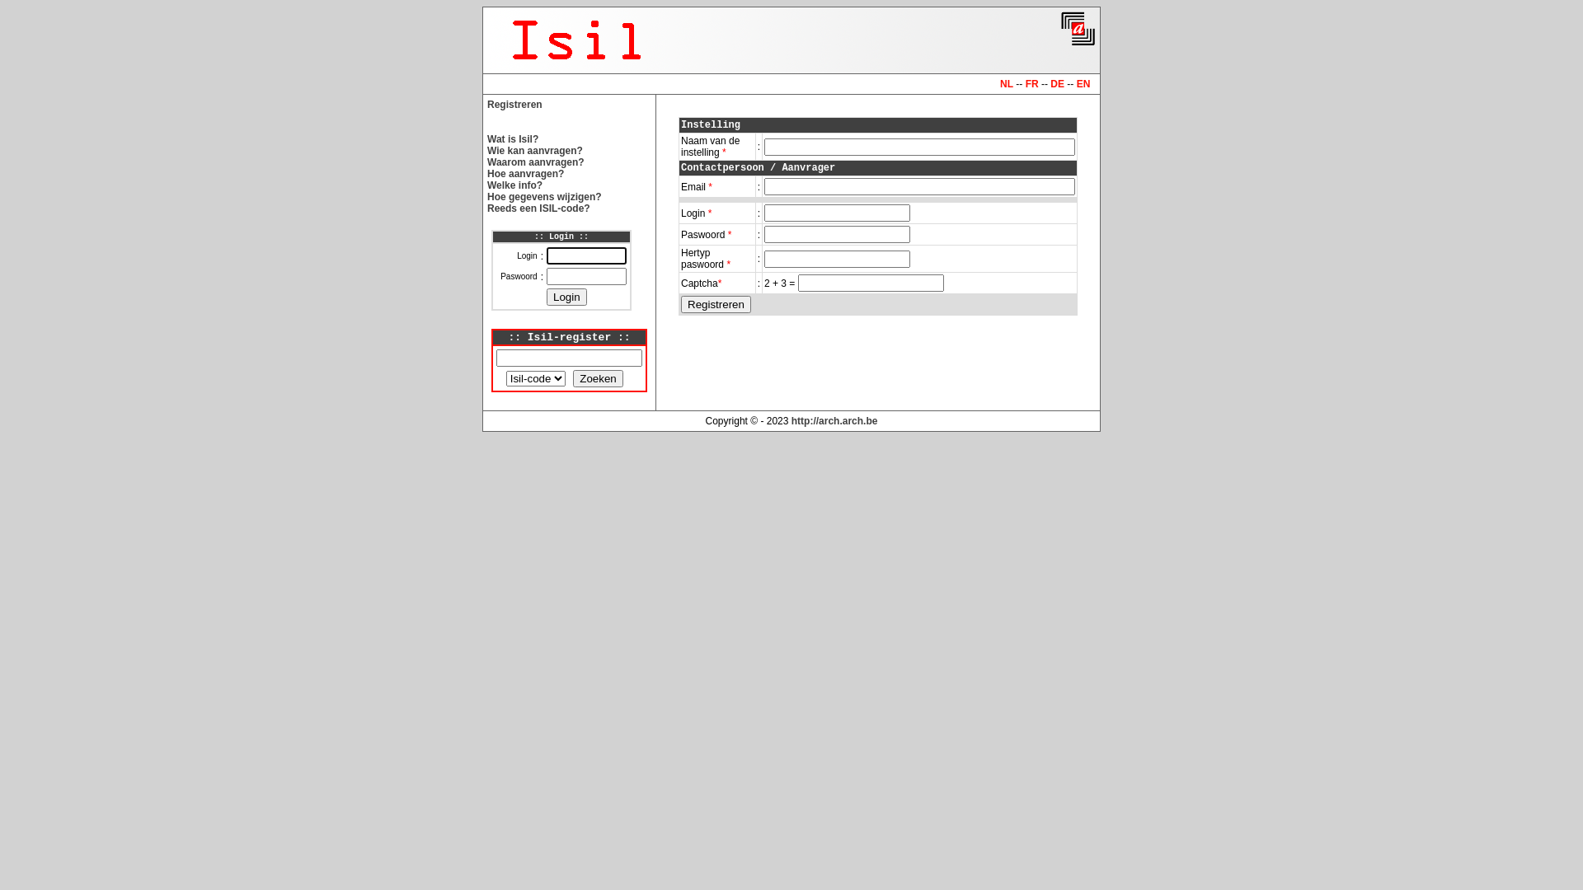 The width and height of the screenshot is (1583, 890). I want to click on 'FR', so click(1031, 83).